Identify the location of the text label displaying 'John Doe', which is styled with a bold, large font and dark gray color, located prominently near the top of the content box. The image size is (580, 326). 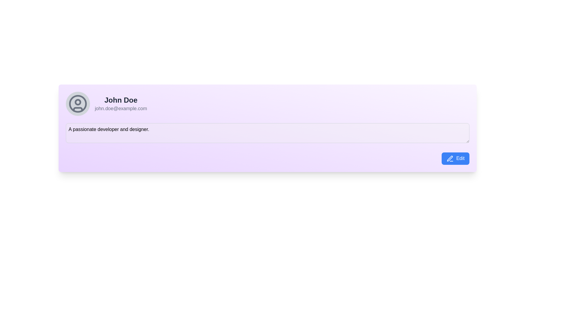
(121, 100).